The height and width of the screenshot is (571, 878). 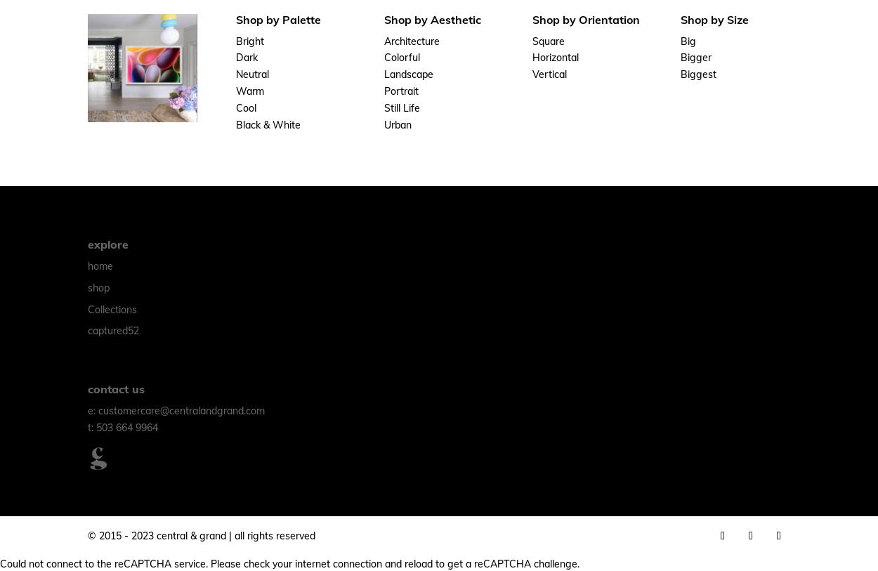 What do you see at coordinates (411, 39) in the screenshot?
I see `'Architecture'` at bounding box center [411, 39].